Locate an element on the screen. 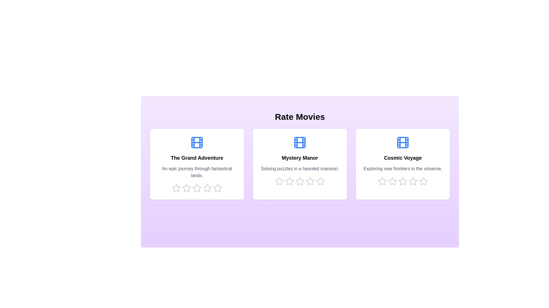  the movie card titled 'The Grand Adventure' to view its hover effect is located at coordinates (197, 164).